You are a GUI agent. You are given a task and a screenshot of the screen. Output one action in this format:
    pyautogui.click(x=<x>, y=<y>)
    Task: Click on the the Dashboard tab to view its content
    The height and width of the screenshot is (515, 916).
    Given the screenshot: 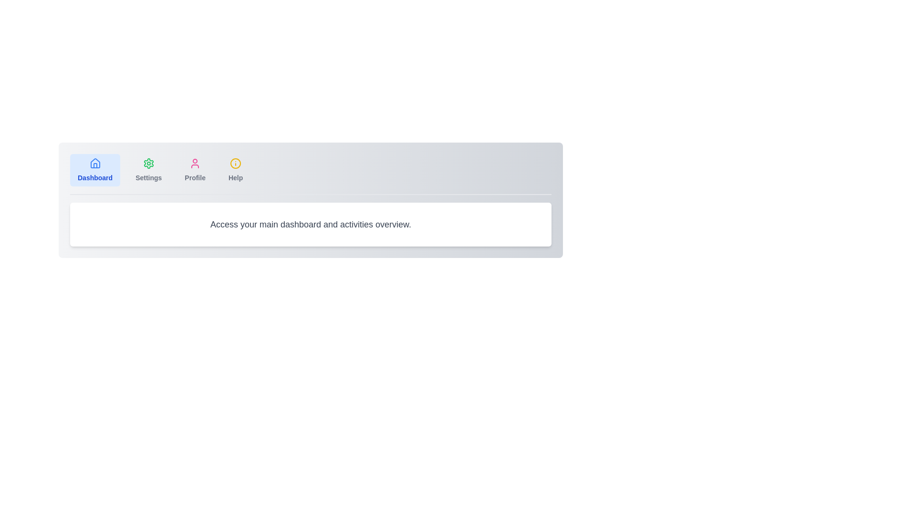 What is the action you would take?
    pyautogui.click(x=95, y=170)
    